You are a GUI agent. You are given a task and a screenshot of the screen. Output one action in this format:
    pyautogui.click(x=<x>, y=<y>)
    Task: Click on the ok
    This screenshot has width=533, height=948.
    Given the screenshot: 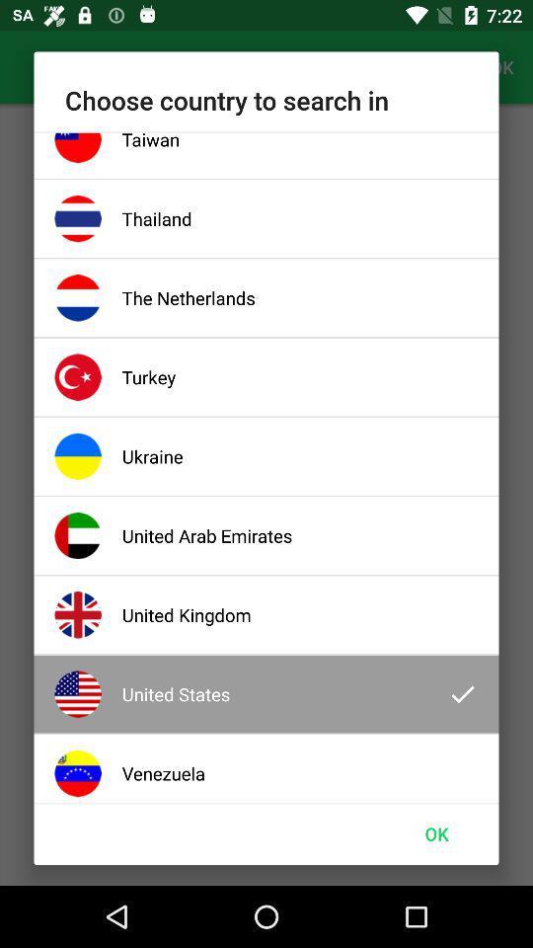 What is the action you would take?
    pyautogui.click(x=436, y=832)
    